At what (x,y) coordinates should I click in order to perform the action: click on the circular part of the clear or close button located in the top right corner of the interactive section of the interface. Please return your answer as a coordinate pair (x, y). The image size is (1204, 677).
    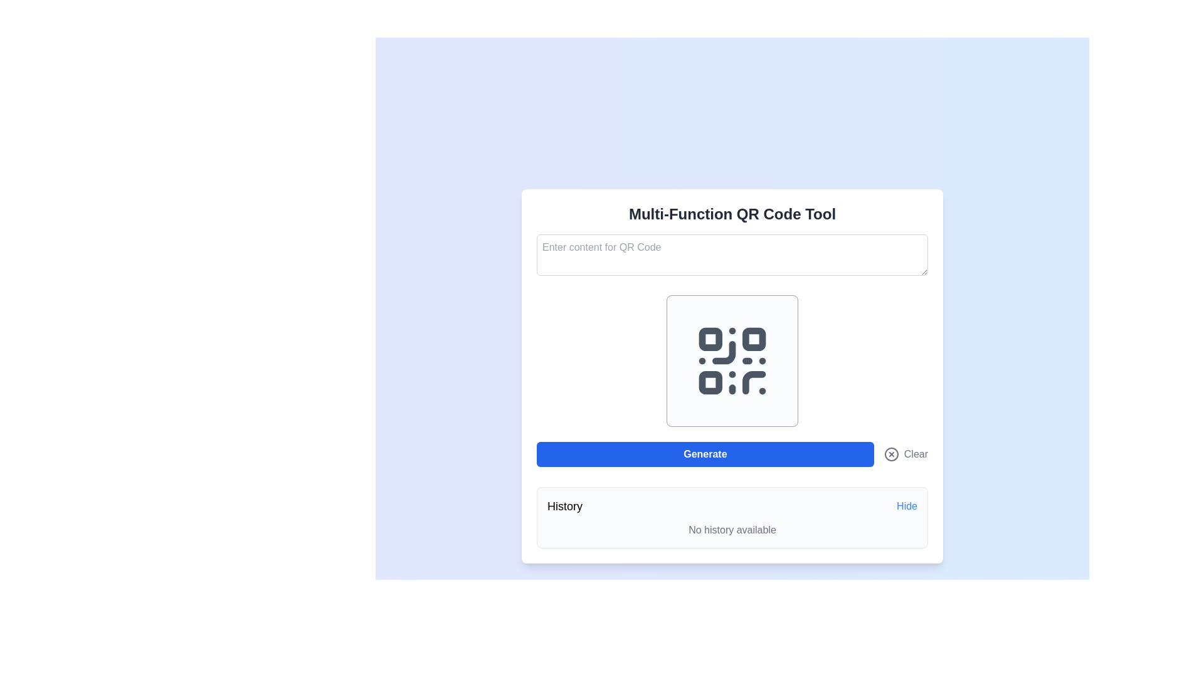
    Looking at the image, I should click on (890, 454).